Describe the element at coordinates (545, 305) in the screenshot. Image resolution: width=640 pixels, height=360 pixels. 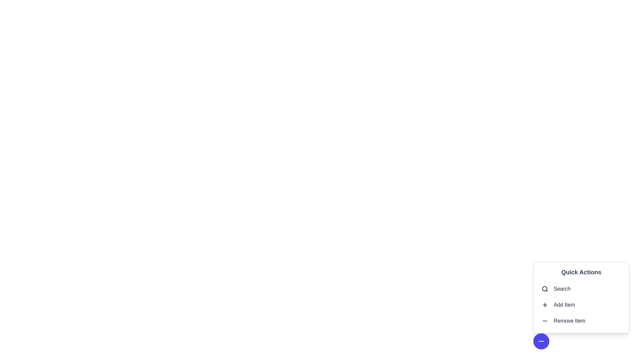
I see `the Plus symbol icon located in the 'Add Item' option within the 'Quick Actions' menu` at that location.